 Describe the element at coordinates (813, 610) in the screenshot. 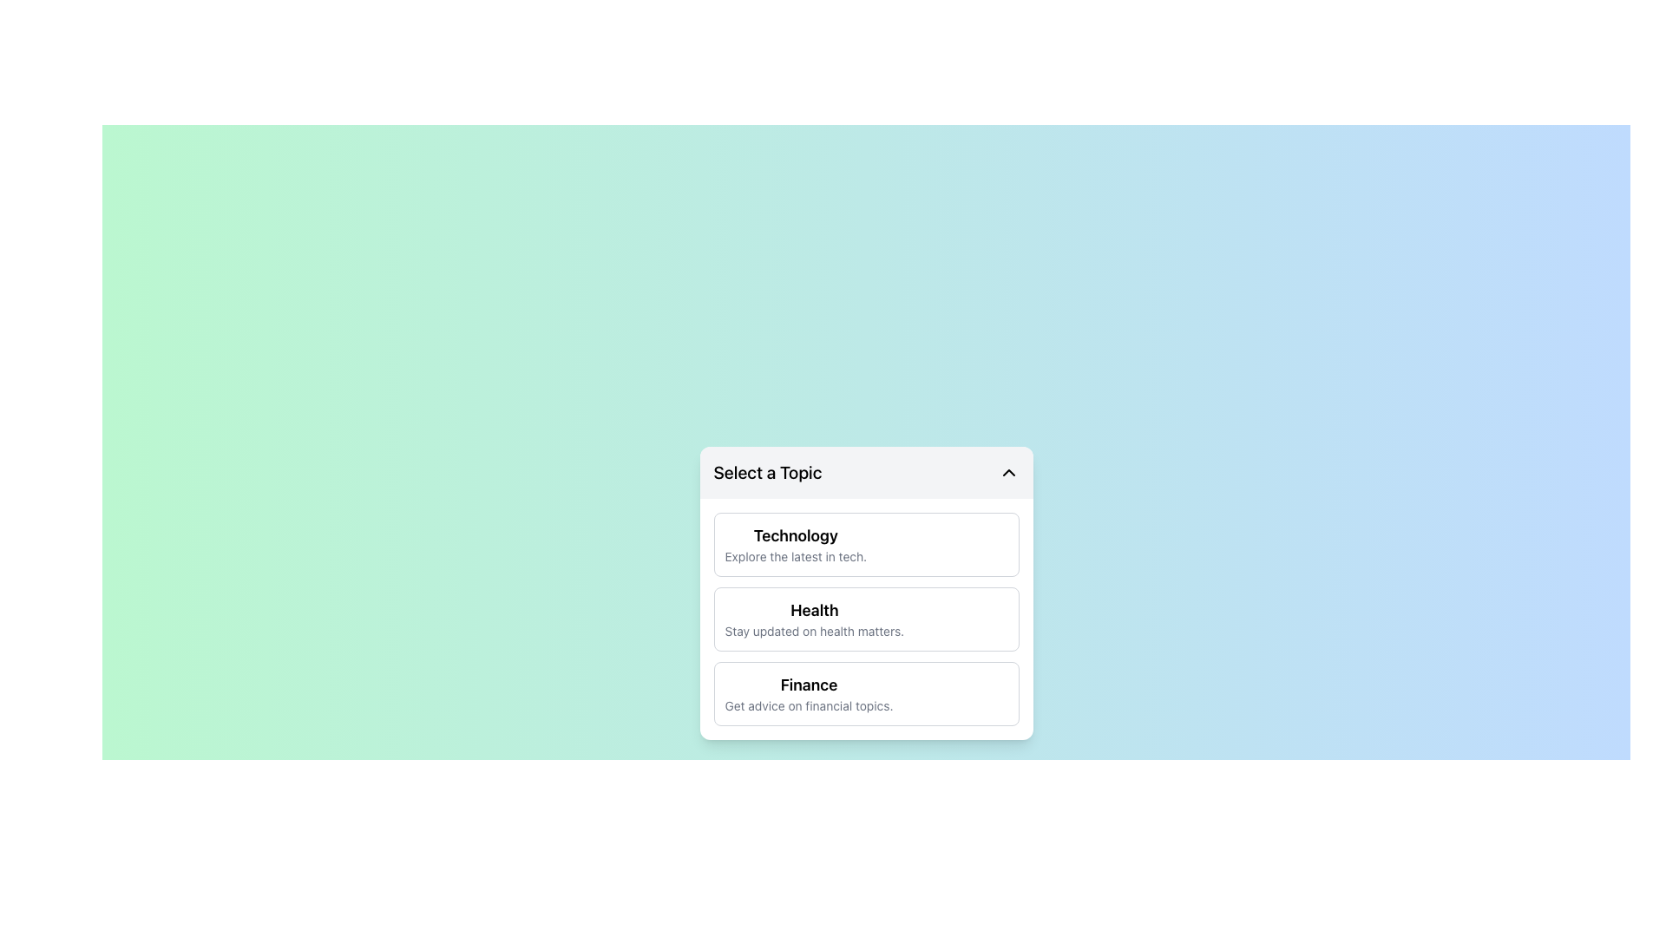

I see `the 'Health' text label, which is the heading in the second list item of the 'Select a Topic' group` at that location.